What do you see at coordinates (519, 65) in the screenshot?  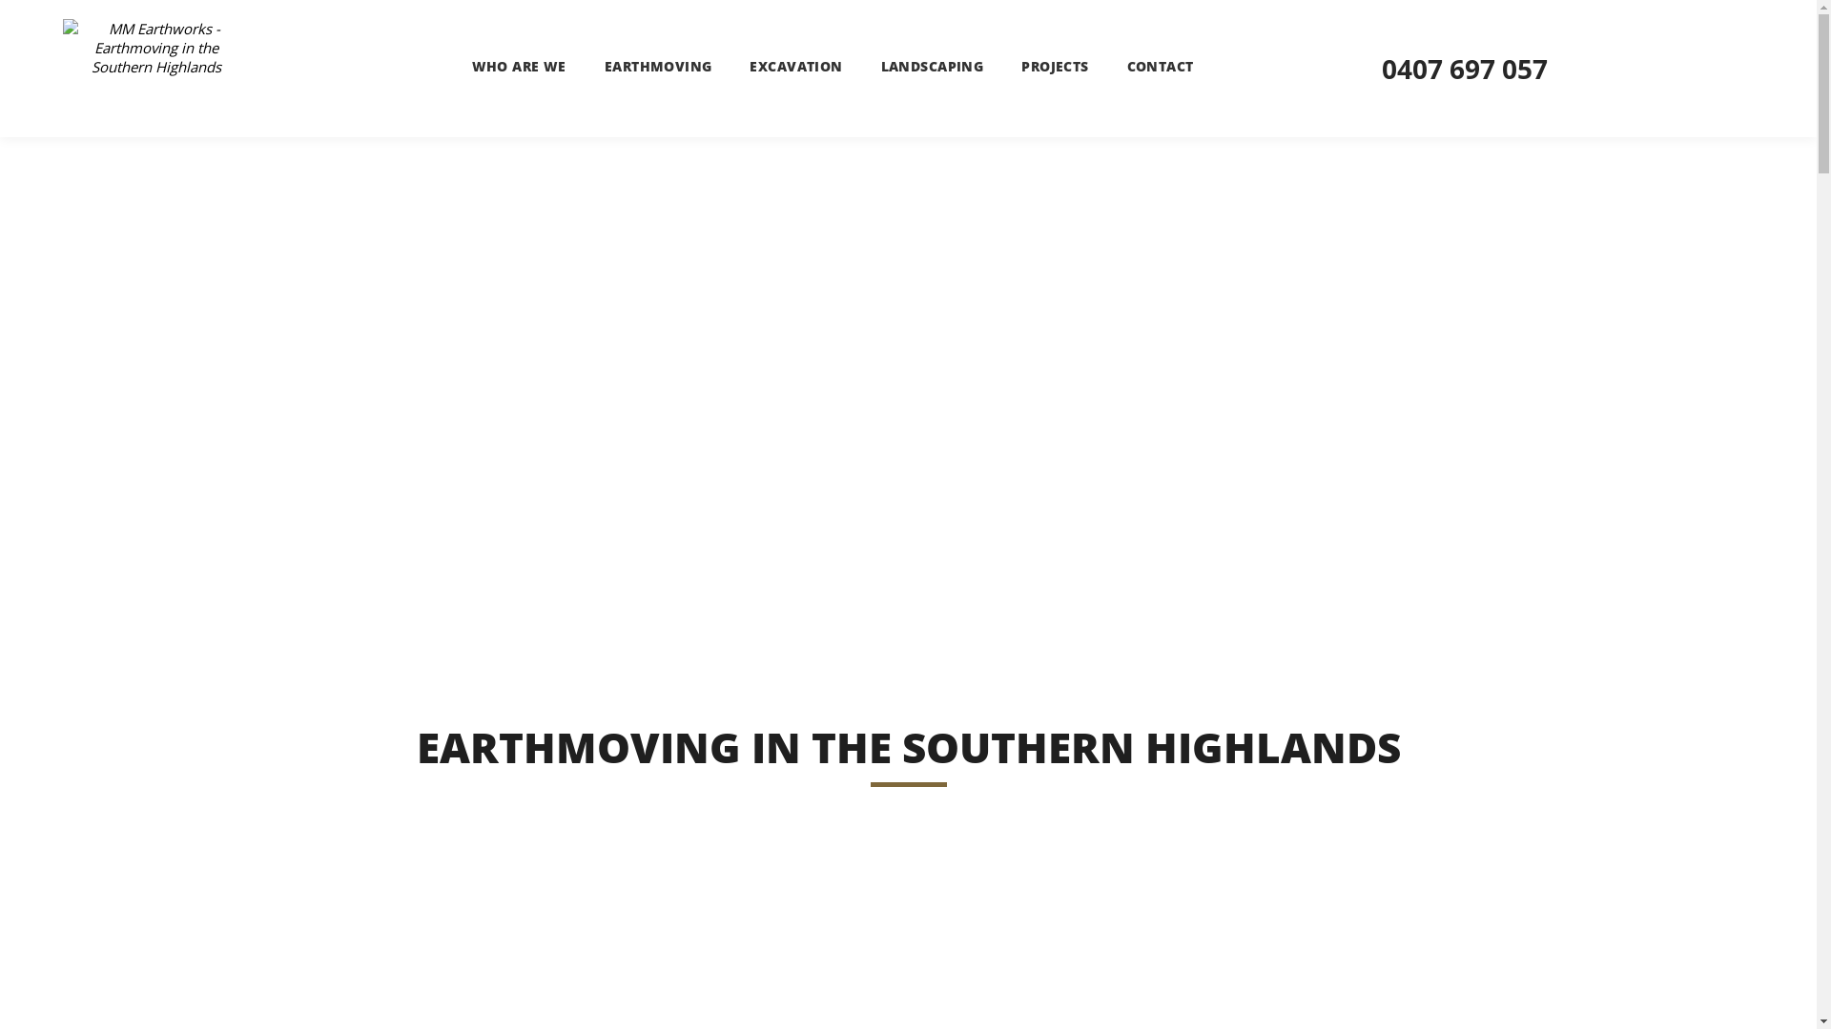 I see `'WHO ARE WE'` at bounding box center [519, 65].